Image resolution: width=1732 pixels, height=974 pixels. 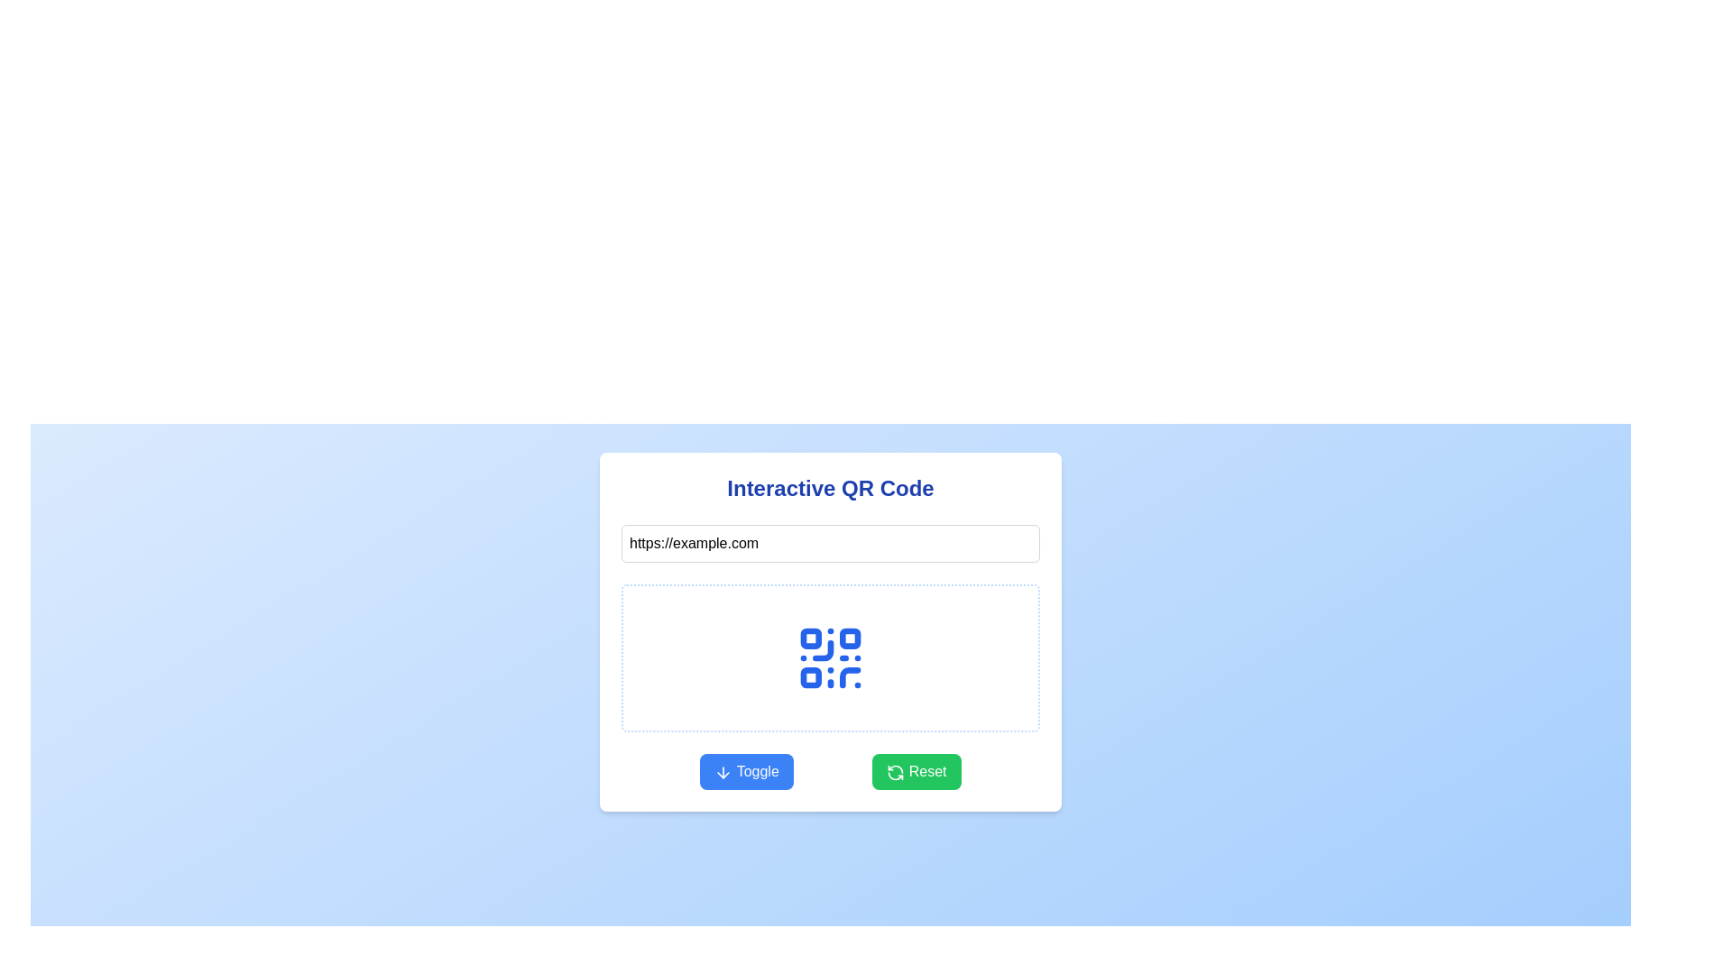 I want to click on the blue 'Toggle' button with a downward arrow icon to observe a color change, so click(x=747, y=771).